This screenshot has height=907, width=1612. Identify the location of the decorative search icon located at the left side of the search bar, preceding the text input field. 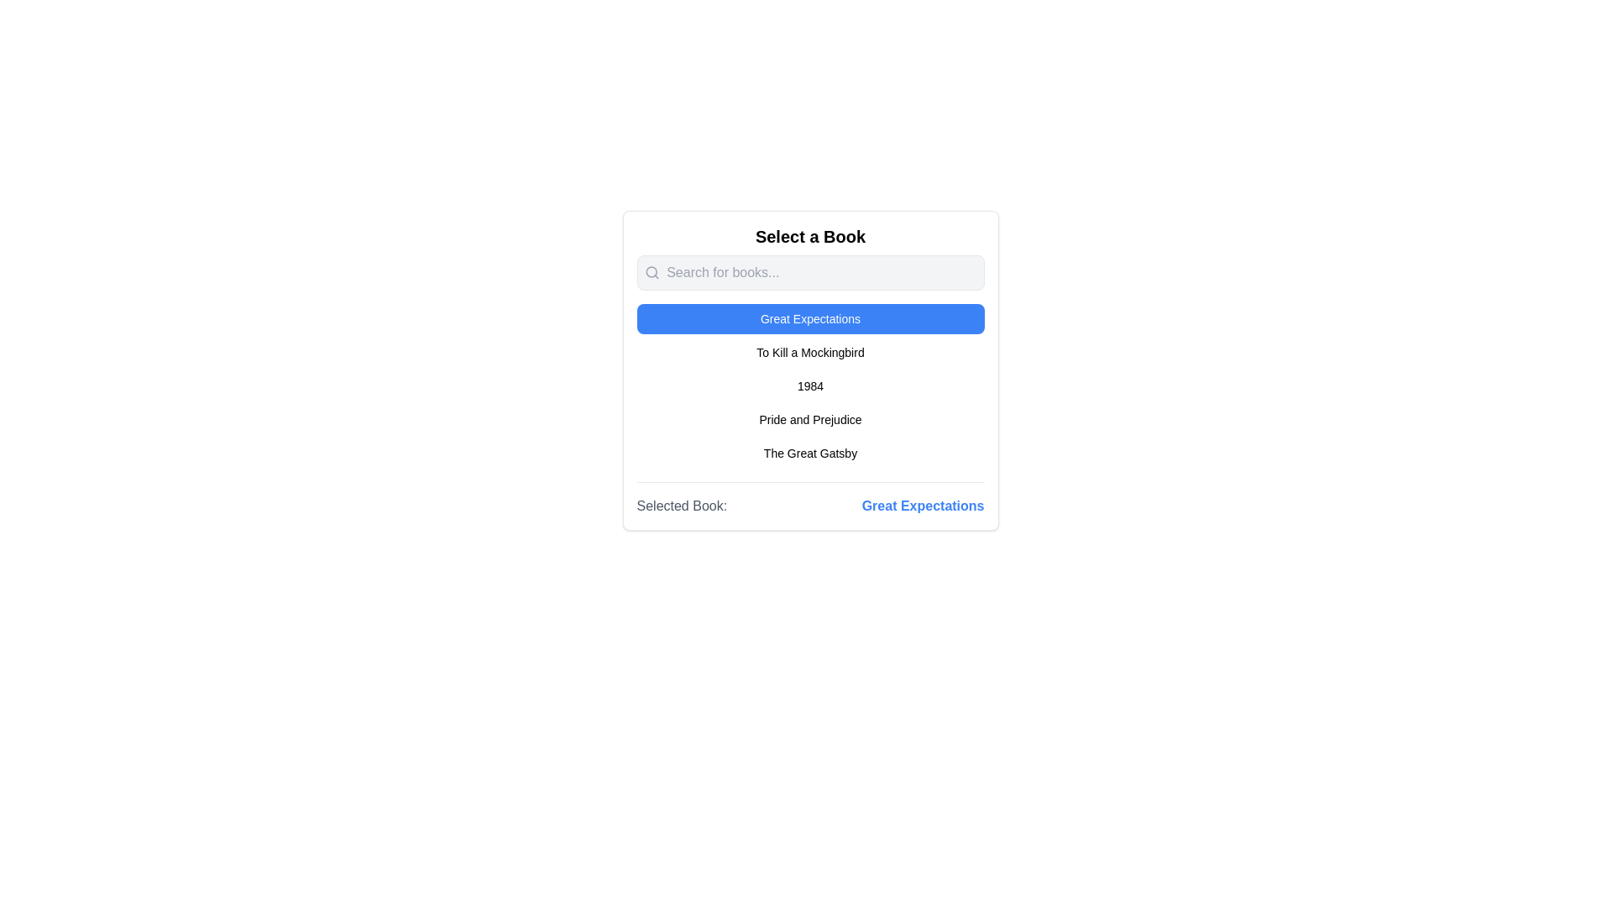
(651, 271).